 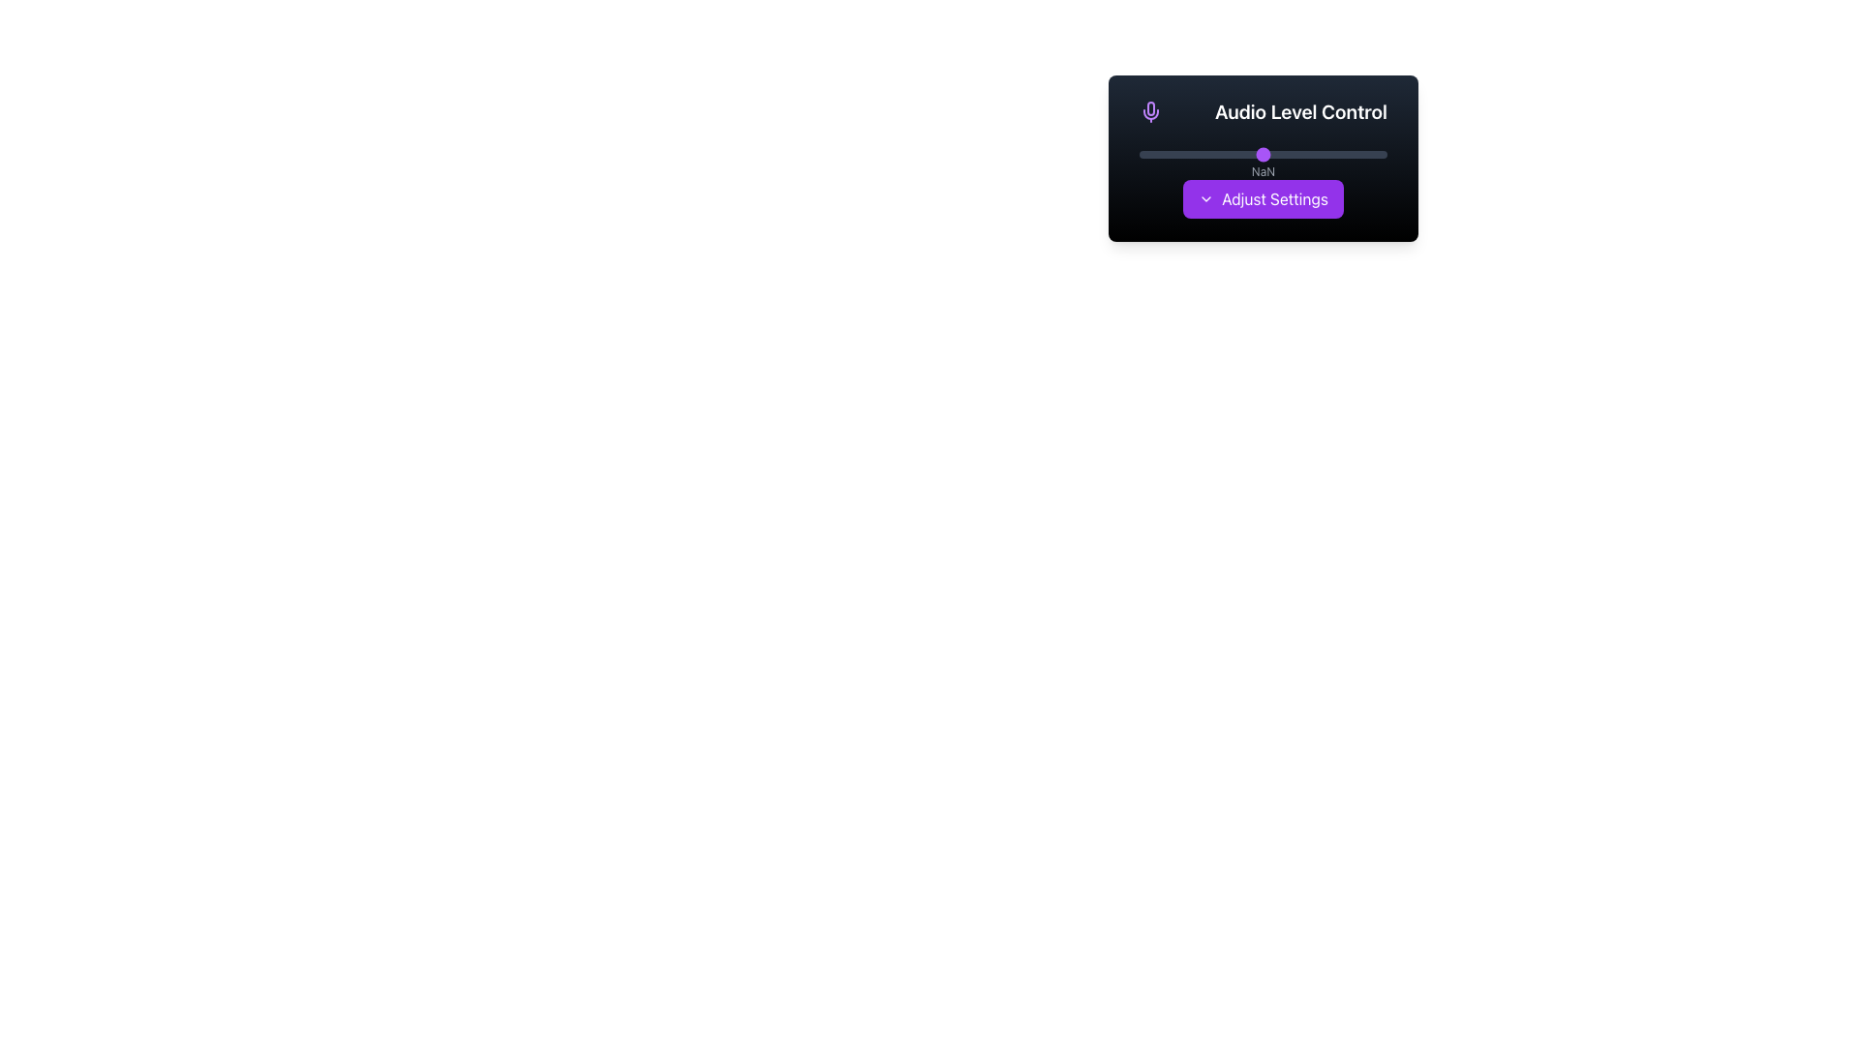 What do you see at coordinates (1146, 153) in the screenshot?
I see `the slider value` at bounding box center [1146, 153].